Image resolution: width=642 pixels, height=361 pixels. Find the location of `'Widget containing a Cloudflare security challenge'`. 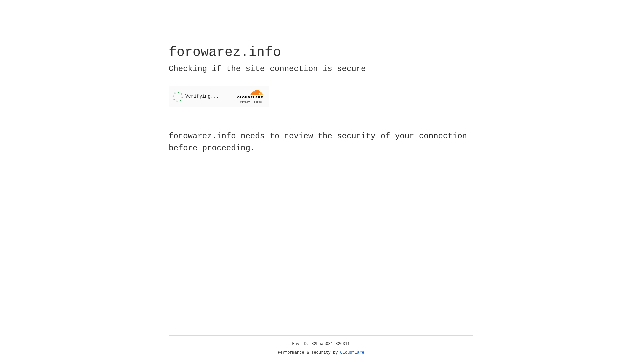

'Widget containing a Cloudflare security challenge' is located at coordinates (218, 96).